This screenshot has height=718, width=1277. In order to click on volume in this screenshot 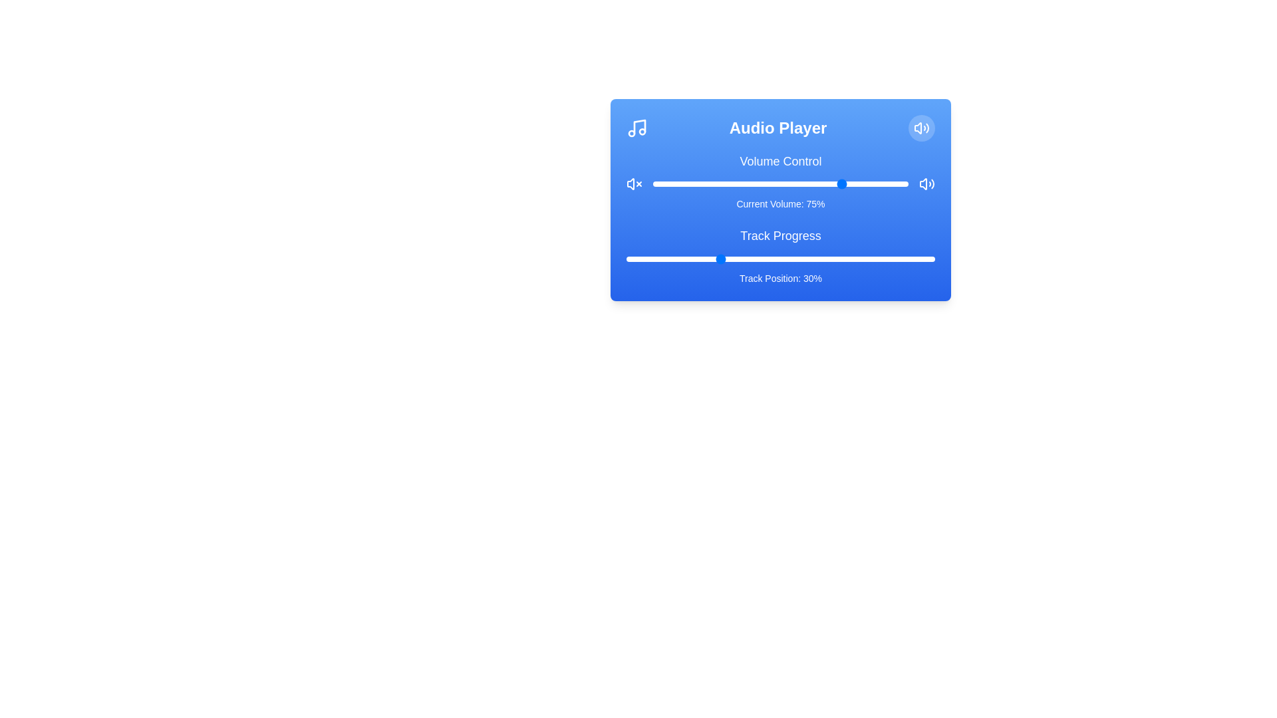, I will do `click(734, 184)`.